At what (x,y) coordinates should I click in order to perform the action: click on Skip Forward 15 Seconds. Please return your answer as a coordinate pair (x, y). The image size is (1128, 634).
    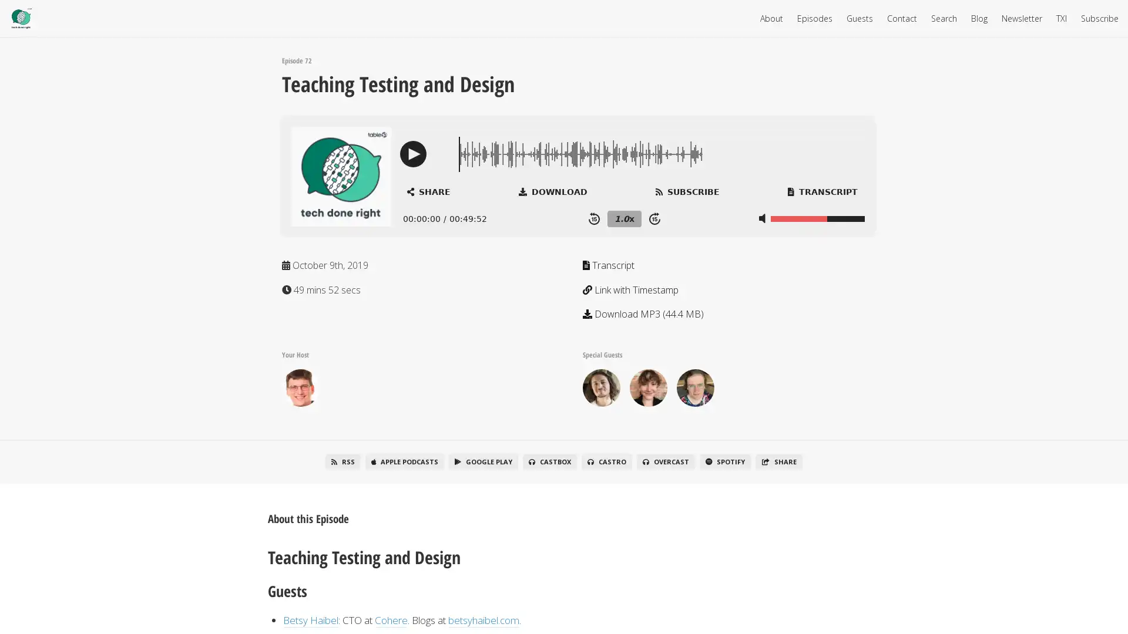
    Looking at the image, I should click on (654, 218).